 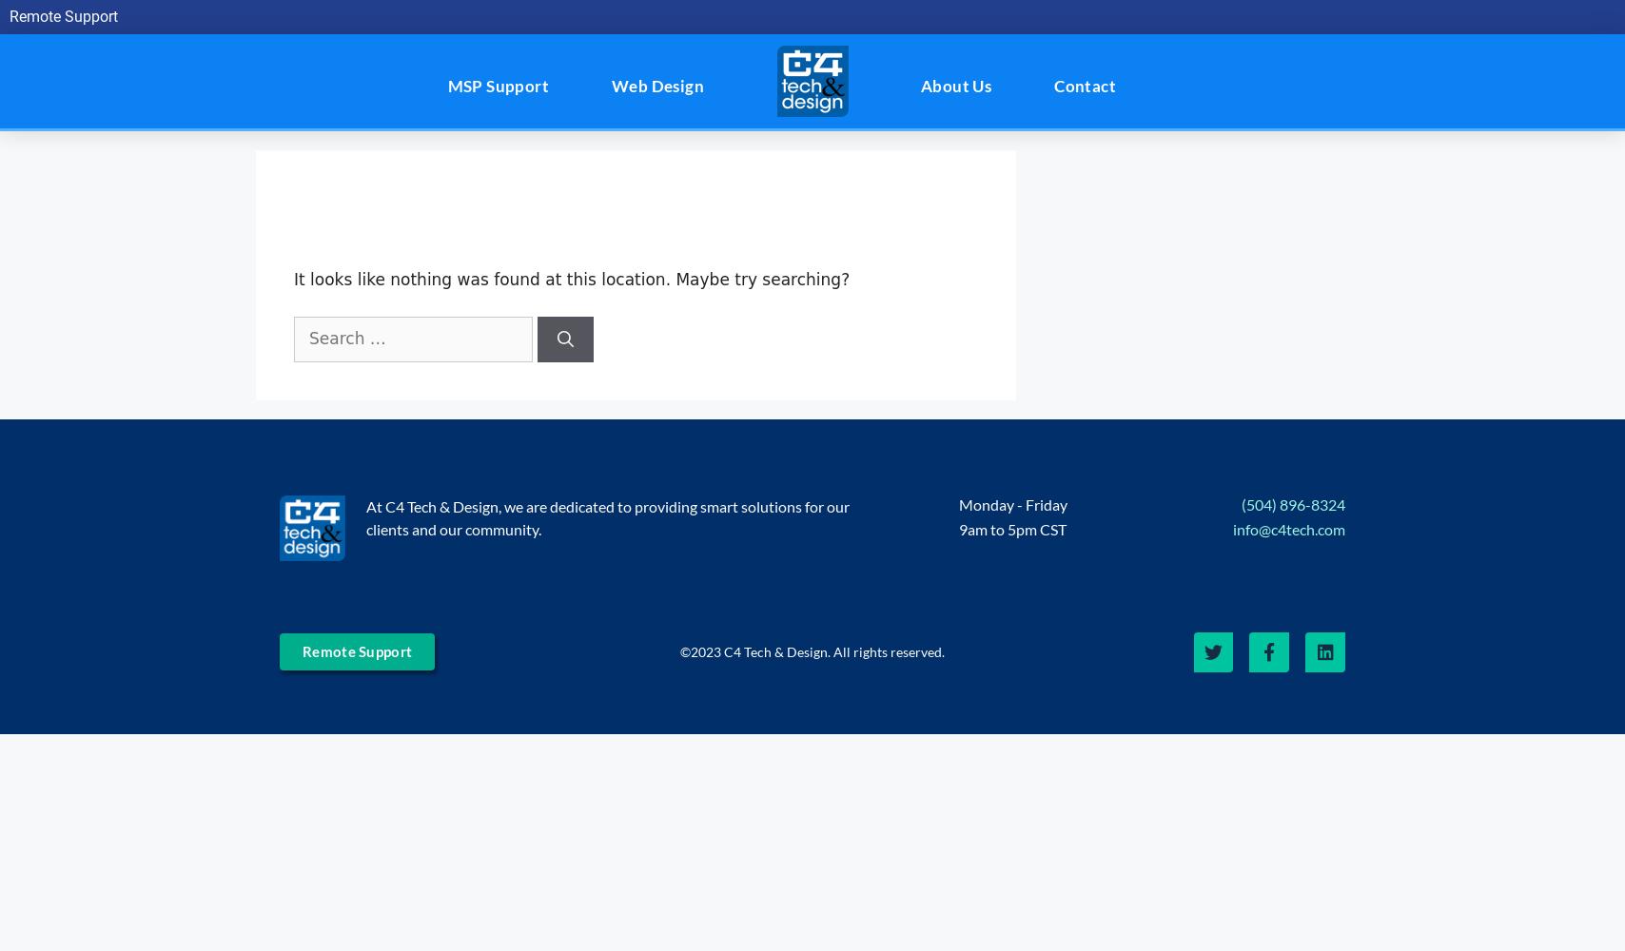 I want to click on 'It looks like nothing was found at this location. Maybe try searching?', so click(x=293, y=280).